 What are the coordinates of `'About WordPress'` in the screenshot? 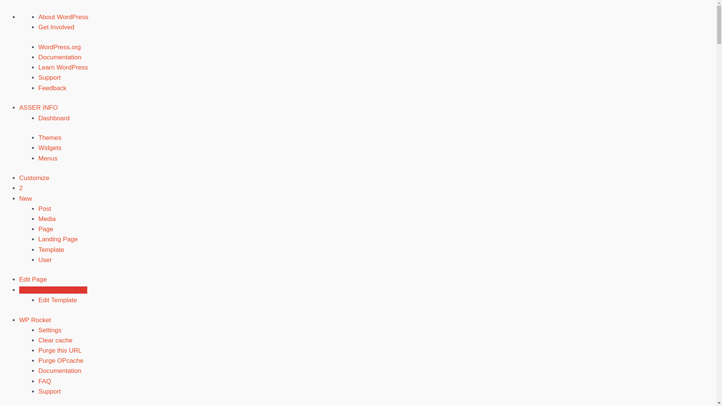 It's located at (63, 17).